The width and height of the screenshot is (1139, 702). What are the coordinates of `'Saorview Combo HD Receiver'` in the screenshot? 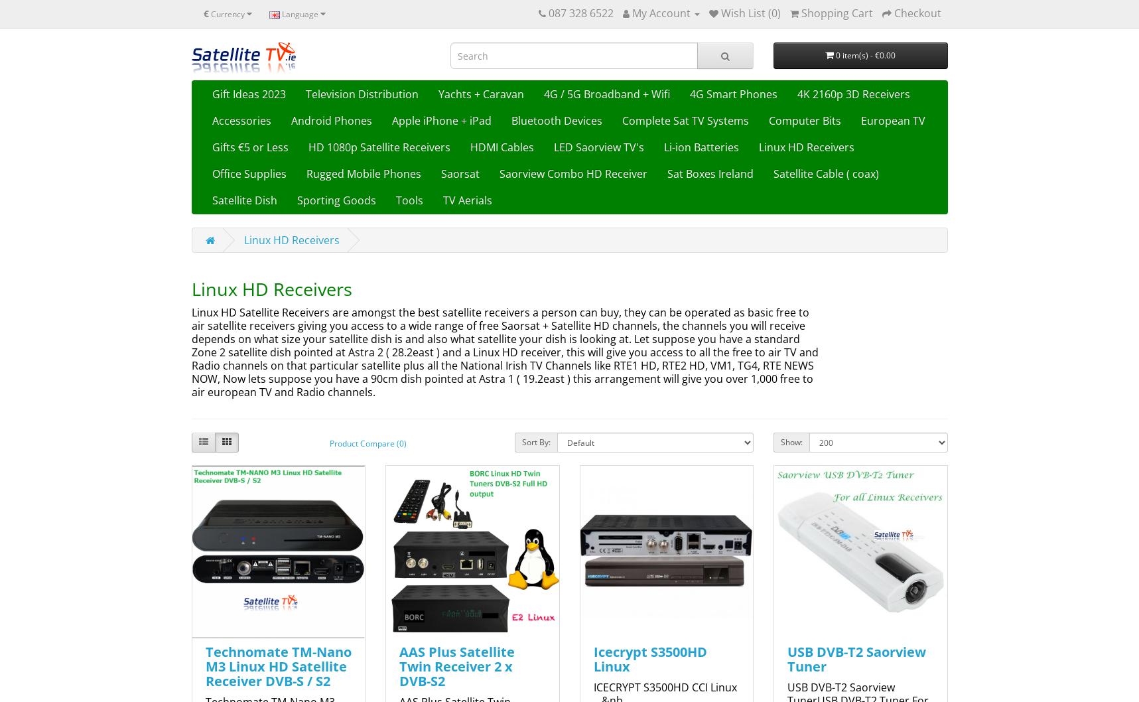 It's located at (572, 173).